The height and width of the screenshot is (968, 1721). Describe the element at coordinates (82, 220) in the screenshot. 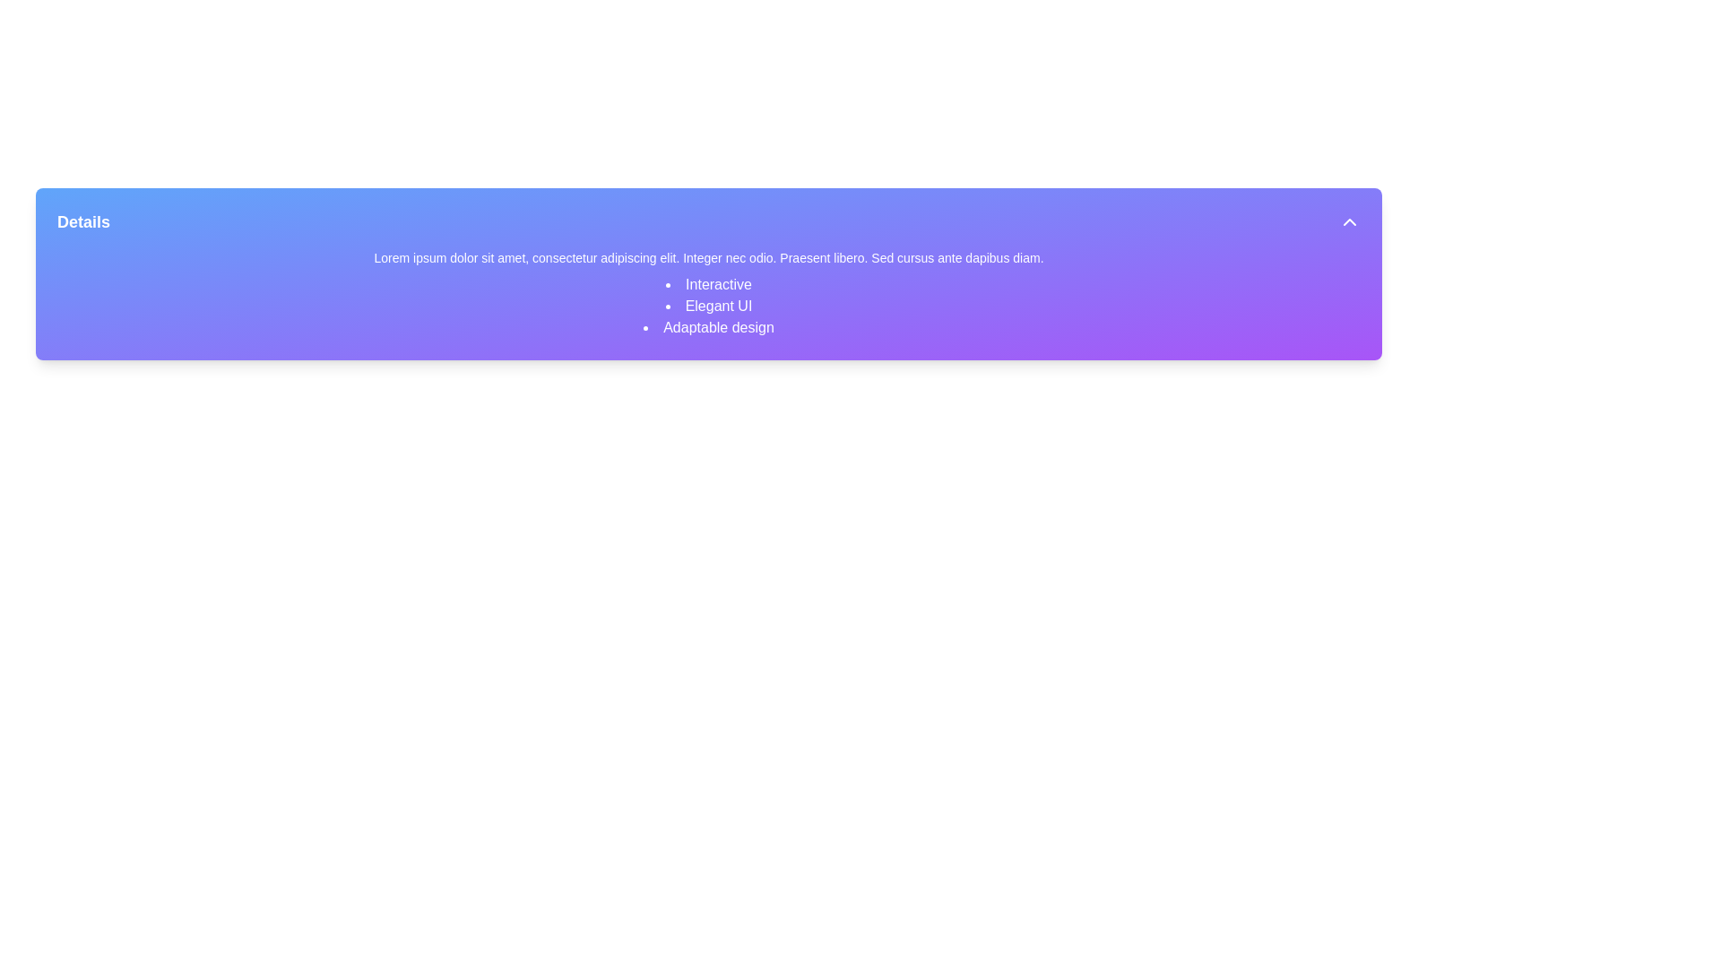

I see `the 'Details' text label, which is styled with a bold font and located at the left edge of a gradient-colored section` at that location.